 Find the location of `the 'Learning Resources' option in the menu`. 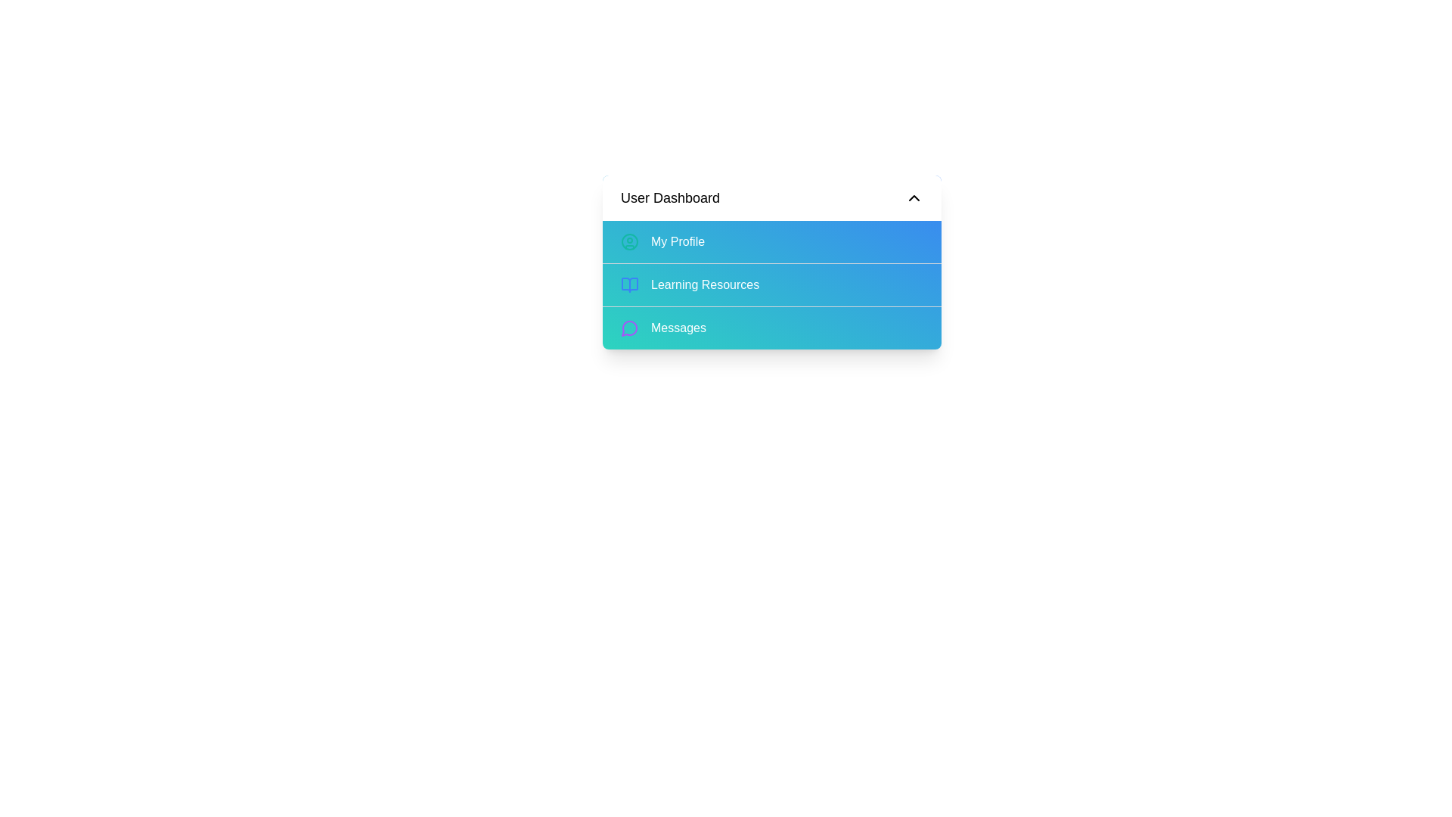

the 'Learning Resources' option in the menu is located at coordinates (772, 284).